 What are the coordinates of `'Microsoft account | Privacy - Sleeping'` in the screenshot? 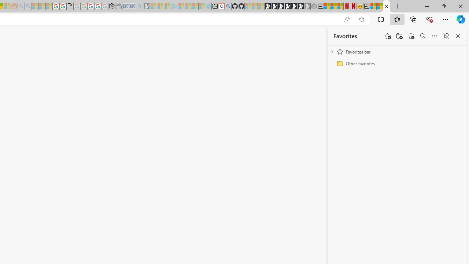 It's located at (167, 6).